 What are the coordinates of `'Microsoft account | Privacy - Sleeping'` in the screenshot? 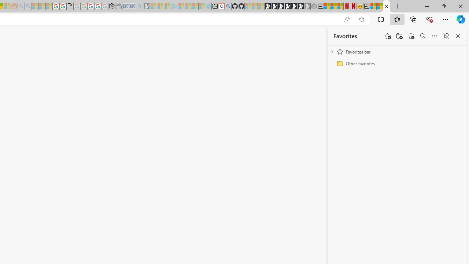 It's located at (167, 6).